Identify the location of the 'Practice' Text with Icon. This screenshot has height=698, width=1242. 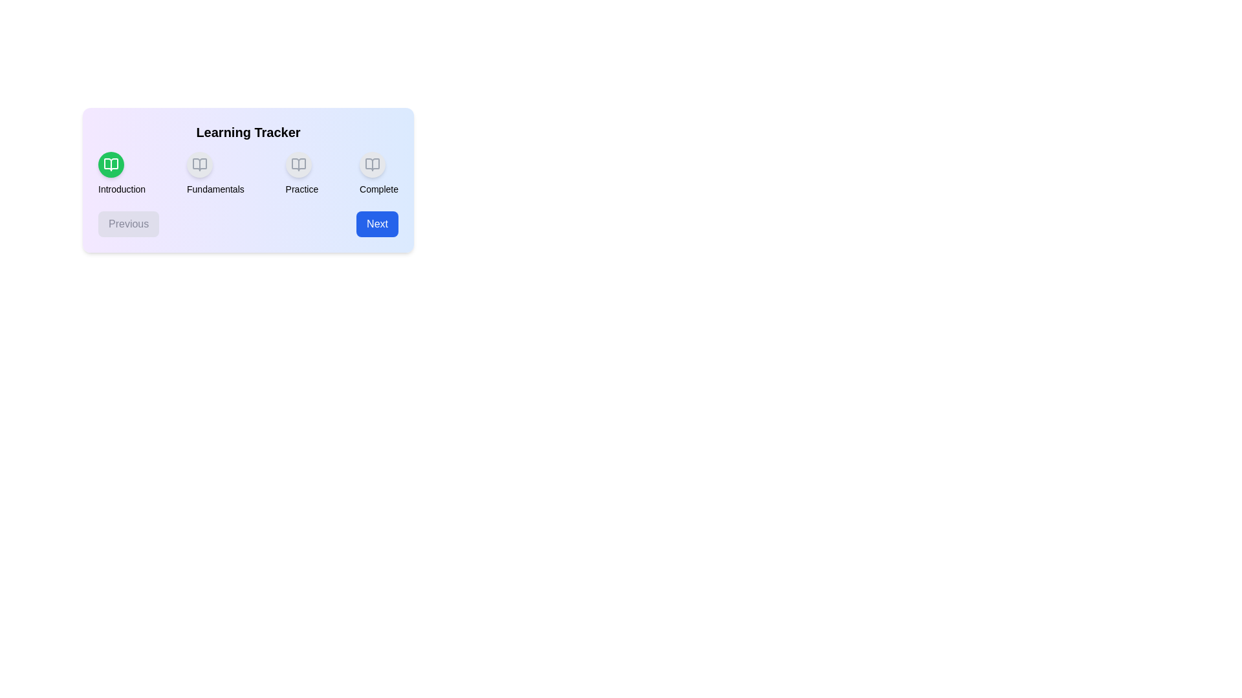
(301, 173).